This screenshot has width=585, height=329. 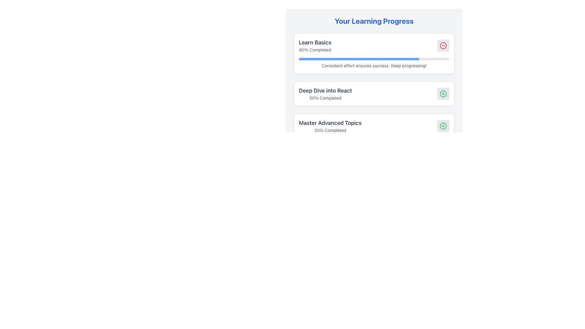 What do you see at coordinates (315, 42) in the screenshot?
I see `text label displaying 'Learn Basics', which is styled with a bold and larger font size and is located at the top of the progress item section` at bounding box center [315, 42].